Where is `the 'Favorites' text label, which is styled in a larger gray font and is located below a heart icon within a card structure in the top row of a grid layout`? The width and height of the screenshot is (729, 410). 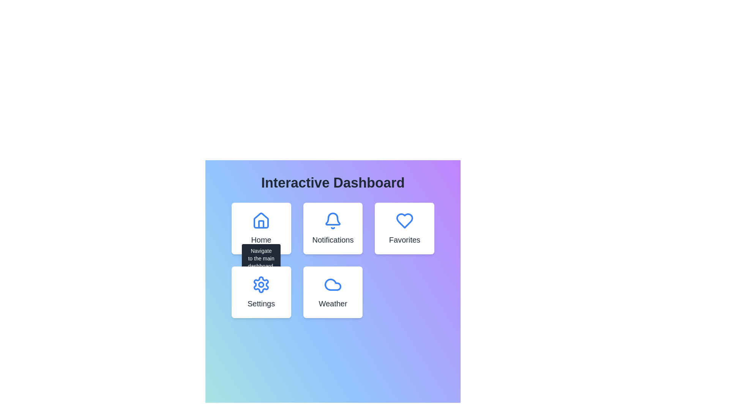
the 'Favorites' text label, which is styled in a larger gray font and is located below a heart icon within a card structure in the top row of a grid layout is located at coordinates (404, 240).